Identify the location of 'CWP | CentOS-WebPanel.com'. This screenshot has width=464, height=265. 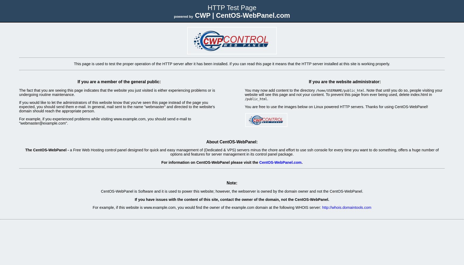
(193, 15).